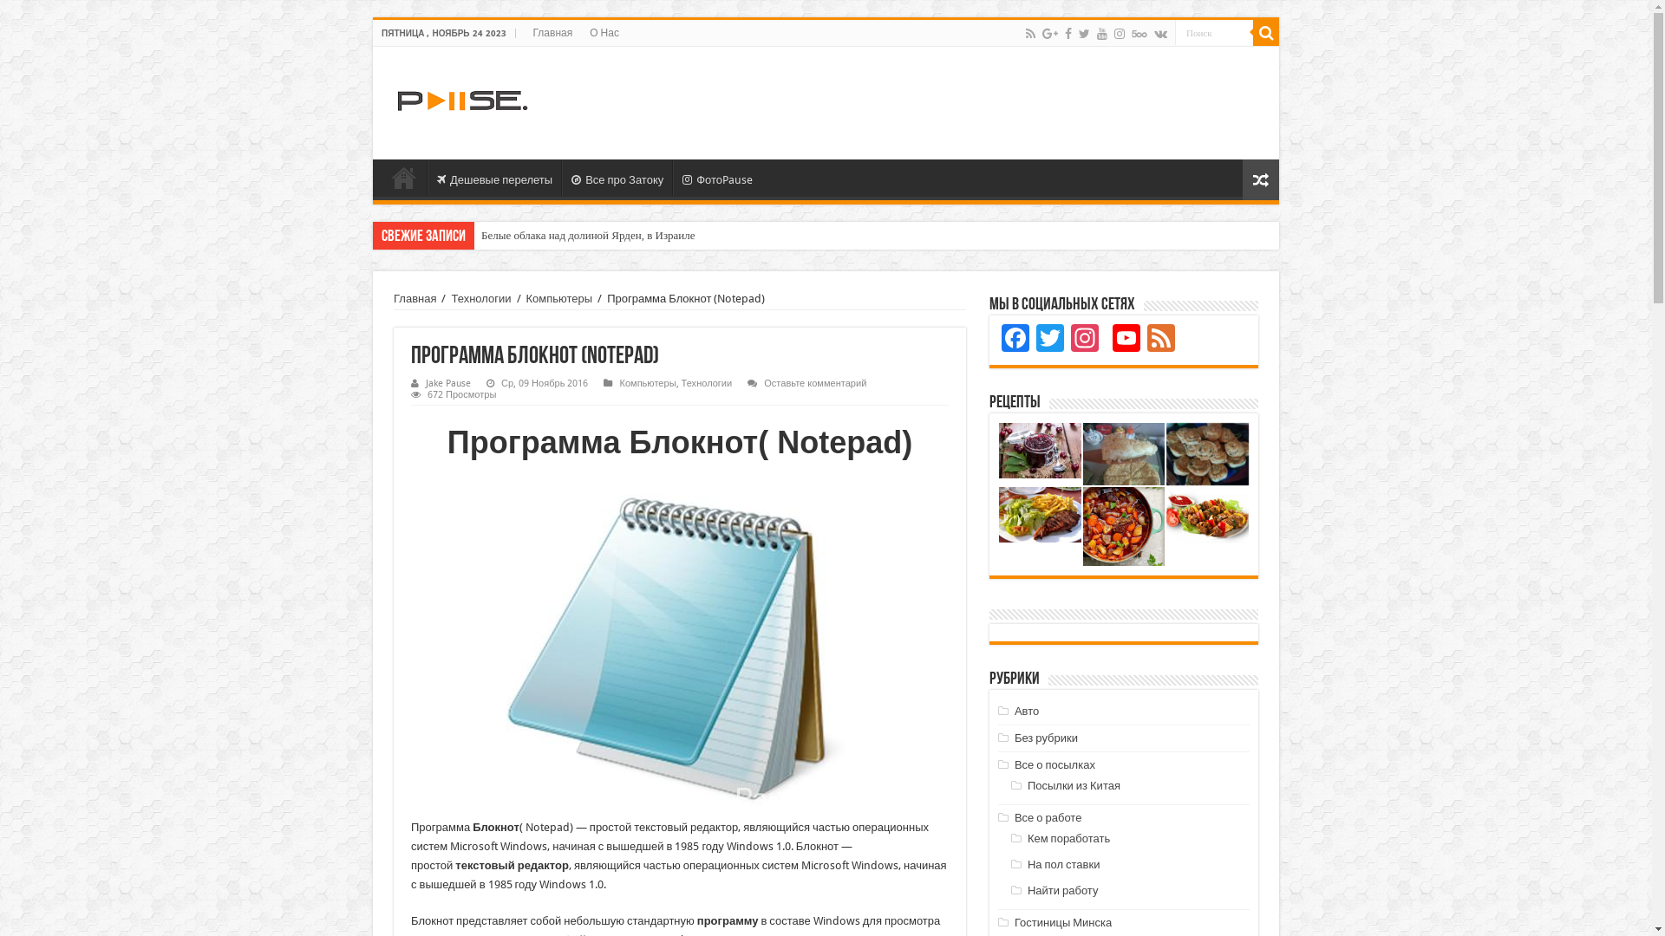  I want to click on 'Advertisement', so click(633, 103).